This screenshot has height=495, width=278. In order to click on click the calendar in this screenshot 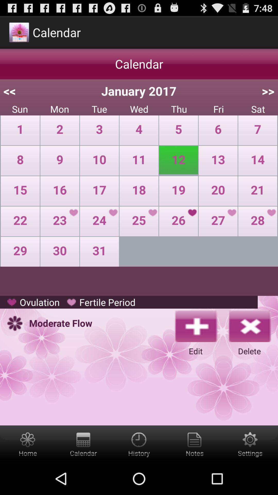, I will do `click(83, 444)`.